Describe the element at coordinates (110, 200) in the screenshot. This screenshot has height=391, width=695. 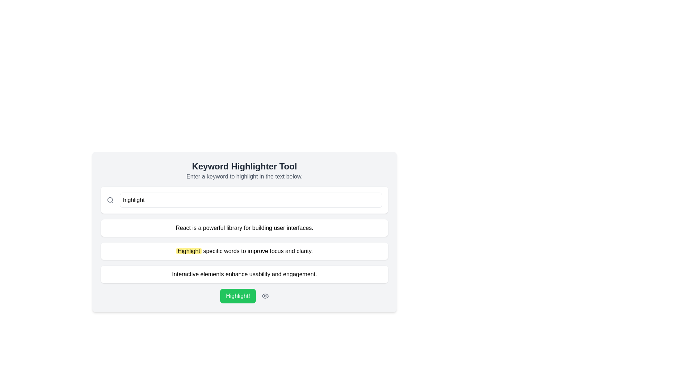
I see `the search icon located on the left side of the input box labeled 'Type a word` at that location.